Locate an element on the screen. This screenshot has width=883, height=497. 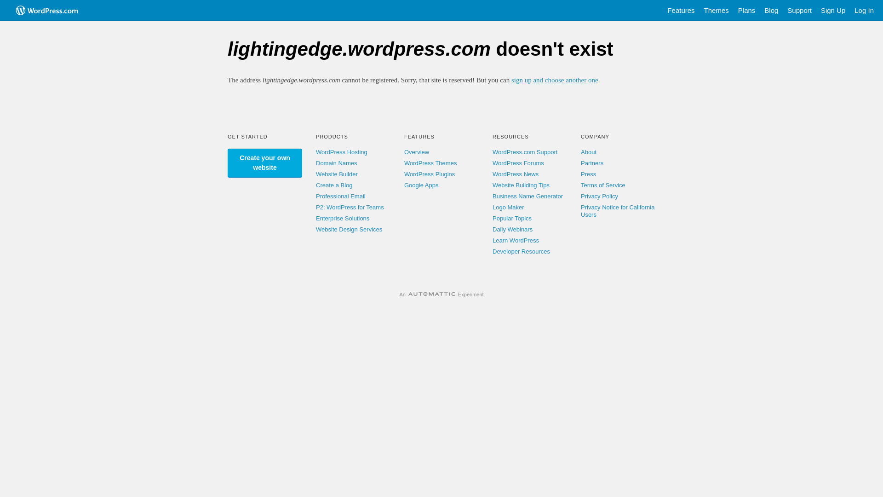
'Create your own website' is located at coordinates (264, 162).